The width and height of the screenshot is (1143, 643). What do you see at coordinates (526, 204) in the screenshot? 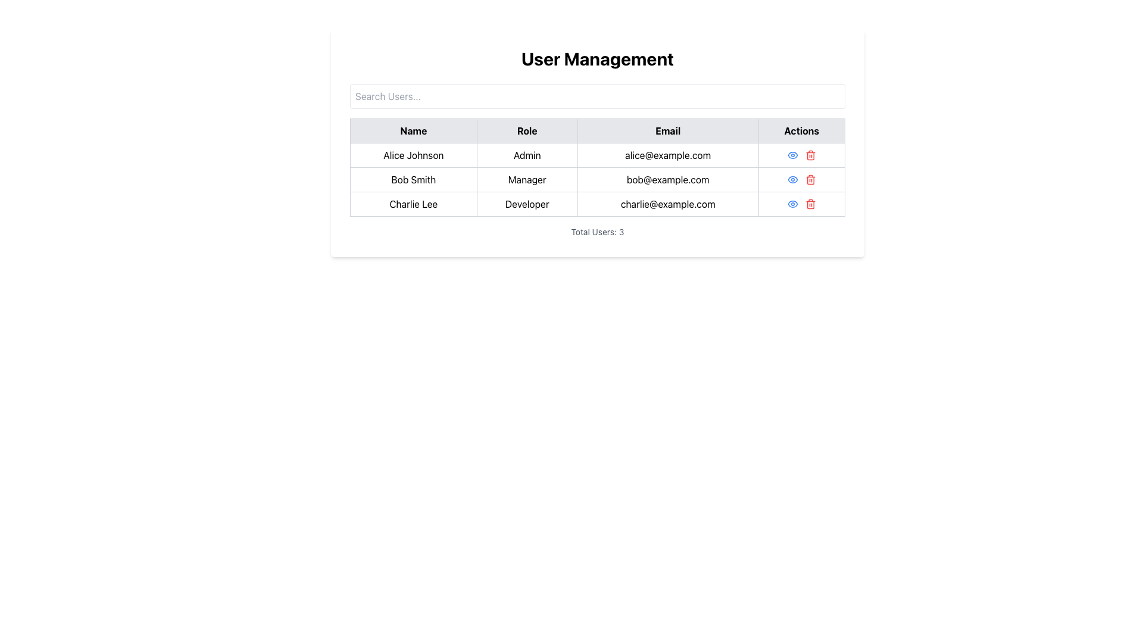
I see `text 'Developer' from the table cell located in the 'Role' column of the third row under 'User Management'` at bounding box center [526, 204].